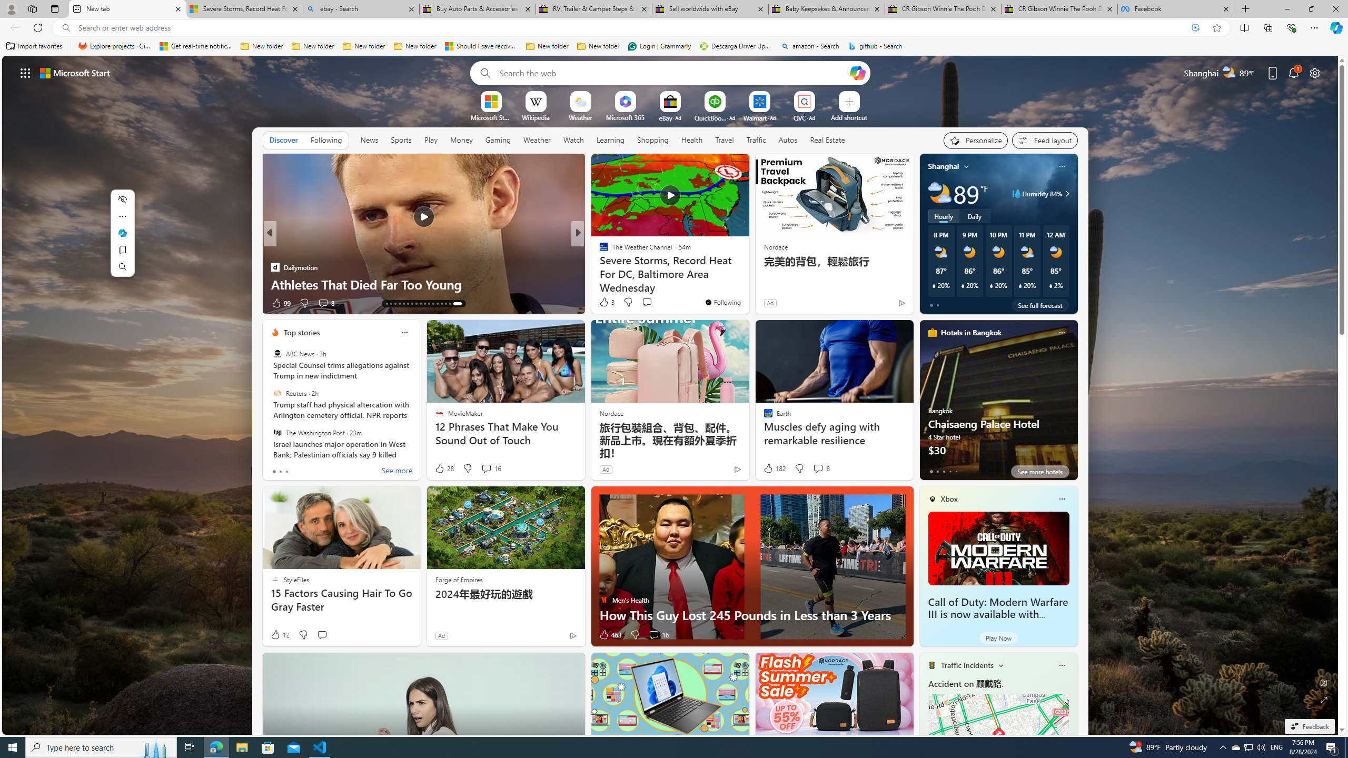 This screenshot has width=1348, height=758. I want to click on 'New folder', so click(598, 46).